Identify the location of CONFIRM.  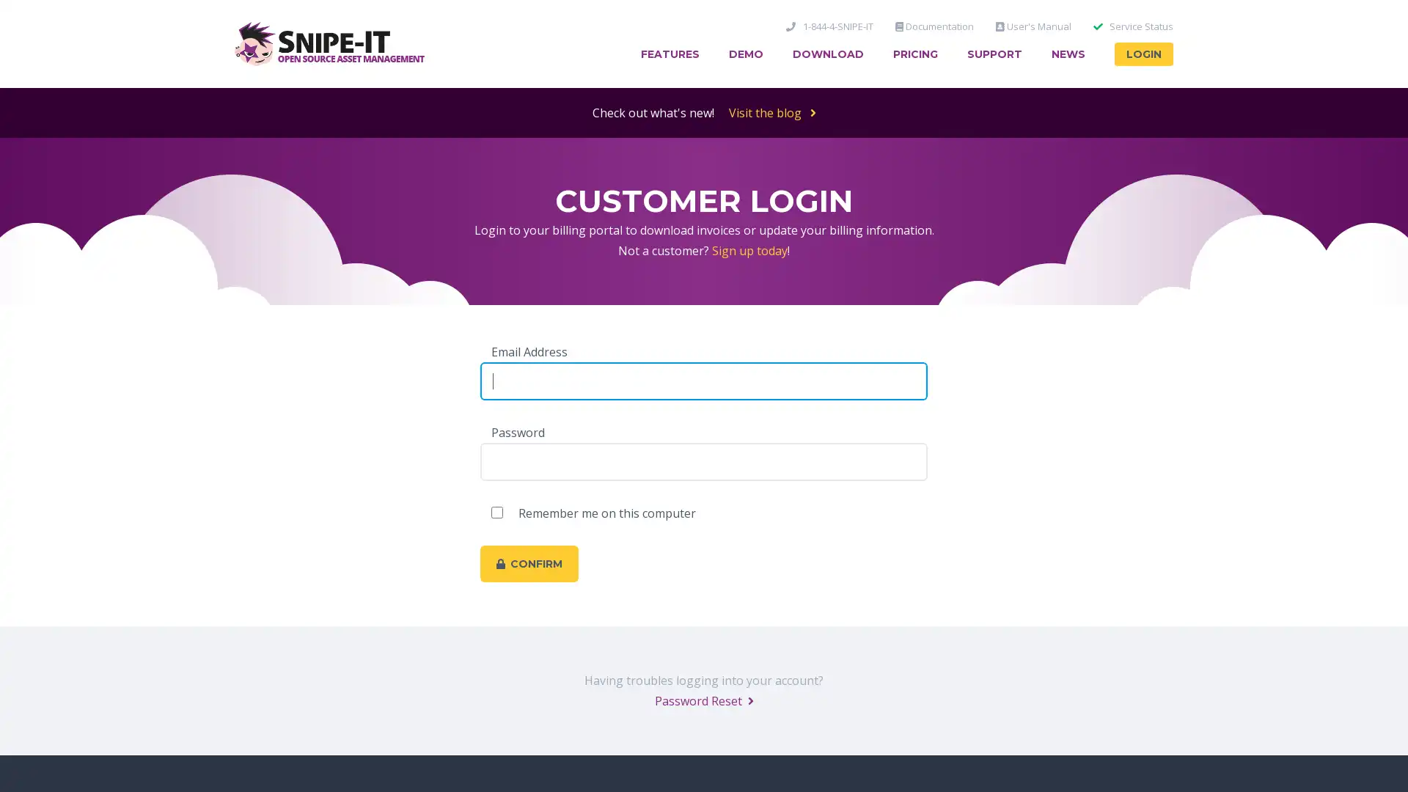
(528, 562).